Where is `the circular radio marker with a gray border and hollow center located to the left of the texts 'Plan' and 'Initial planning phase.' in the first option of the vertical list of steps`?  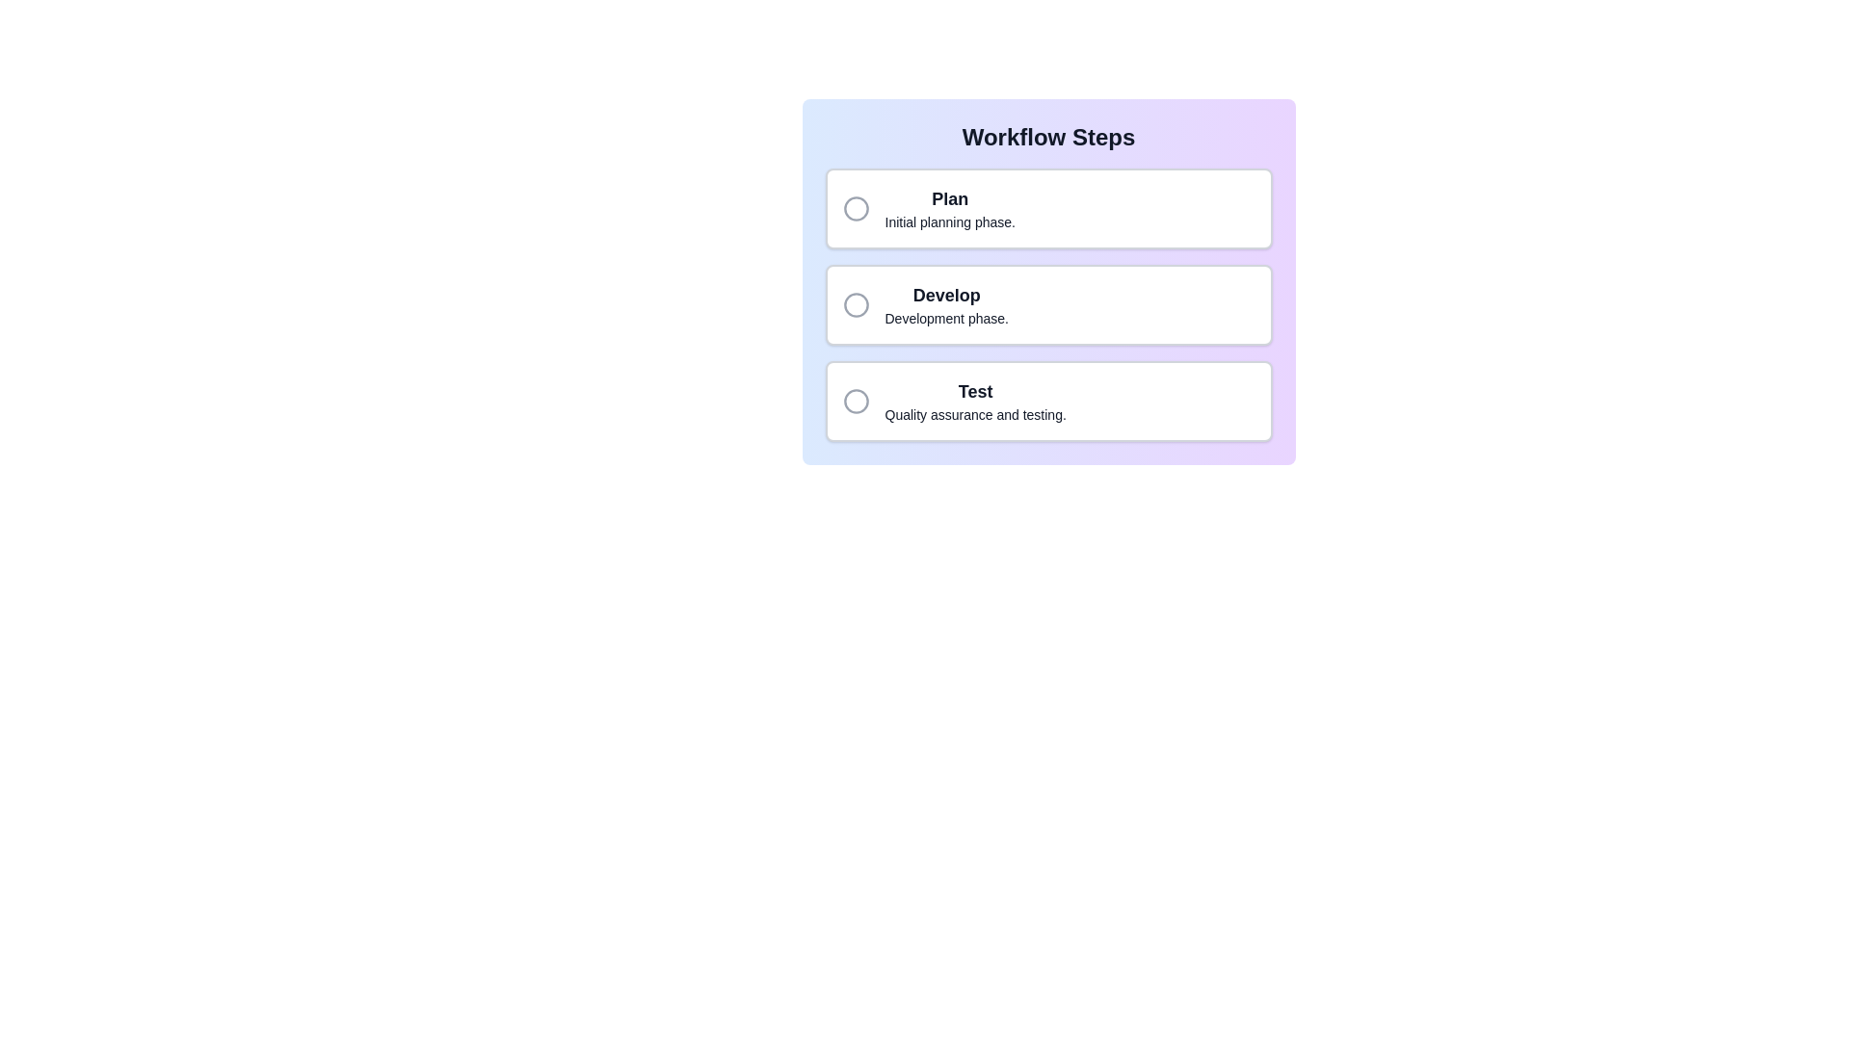
the circular radio marker with a gray border and hollow center located to the left of the texts 'Plan' and 'Initial planning phase.' in the first option of the vertical list of steps is located at coordinates (855, 208).